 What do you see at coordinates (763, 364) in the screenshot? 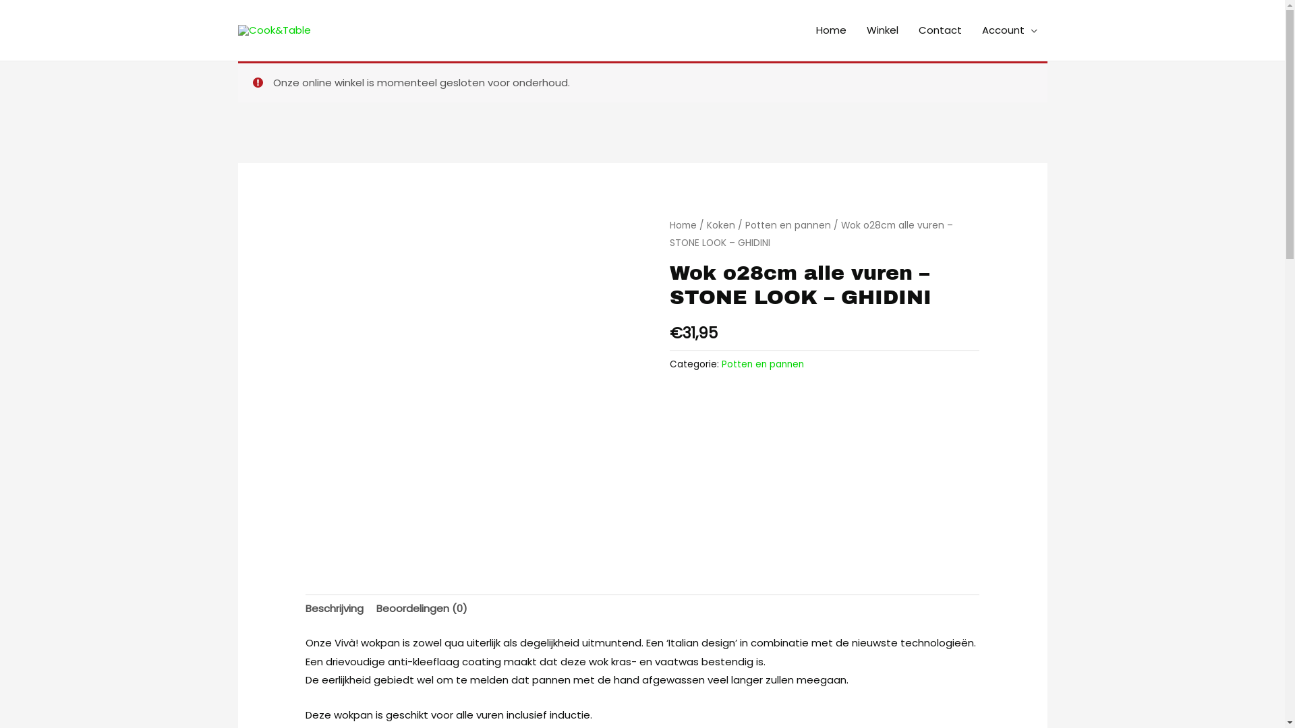
I see `'Potten en pannen'` at bounding box center [763, 364].